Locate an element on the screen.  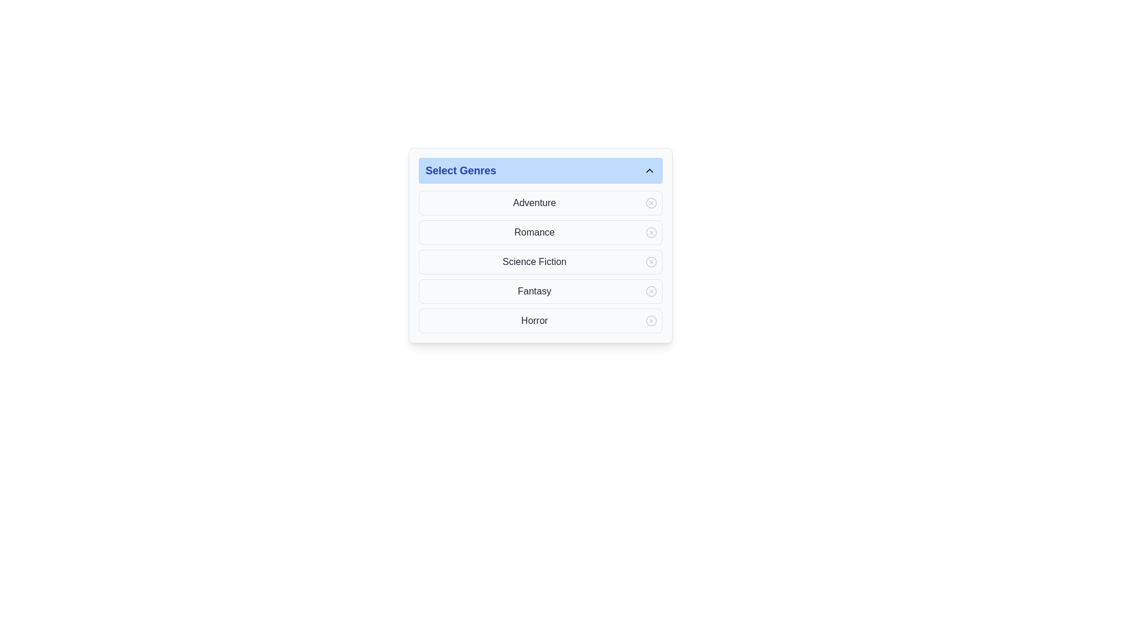
the arrow icon located on the right end of the blue header bar labeled 'Select Genres' is located at coordinates (649, 170).